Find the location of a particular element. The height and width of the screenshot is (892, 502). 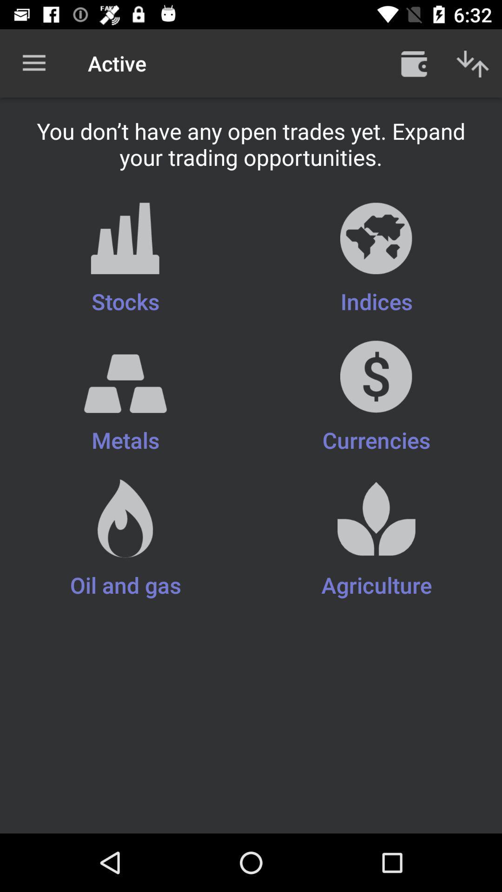

the agriculture icon is located at coordinates (376, 540).